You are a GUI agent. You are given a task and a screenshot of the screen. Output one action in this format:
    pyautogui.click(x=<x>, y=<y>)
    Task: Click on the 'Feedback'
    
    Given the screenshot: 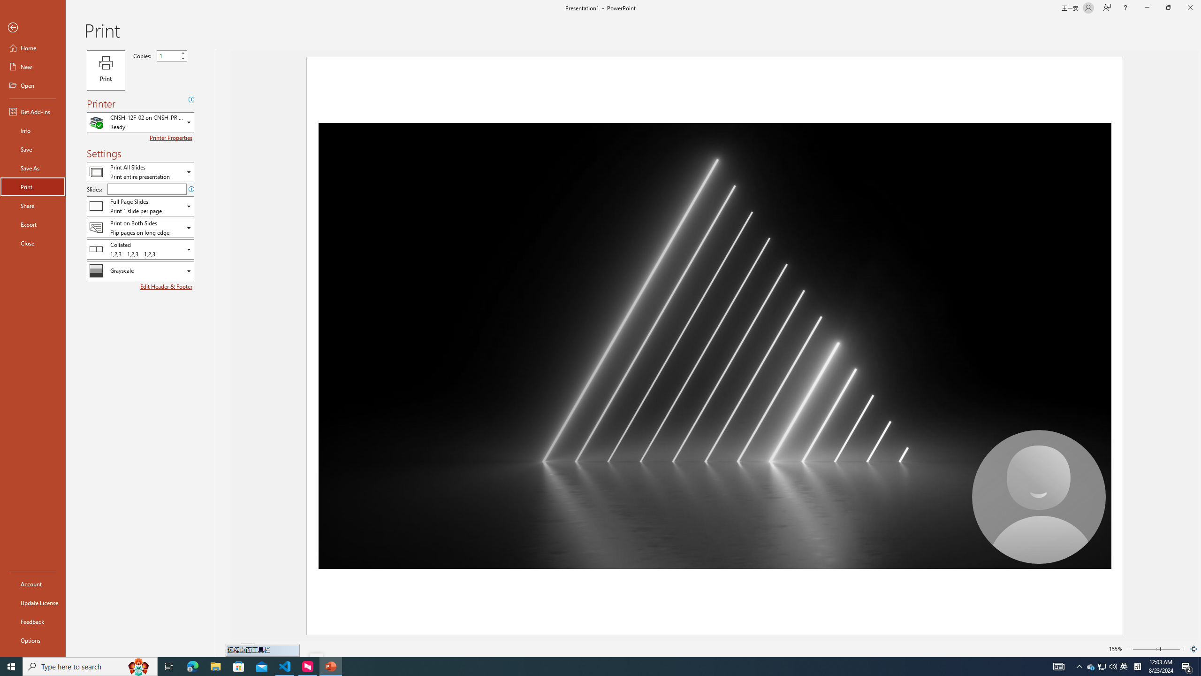 What is the action you would take?
    pyautogui.click(x=32, y=622)
    